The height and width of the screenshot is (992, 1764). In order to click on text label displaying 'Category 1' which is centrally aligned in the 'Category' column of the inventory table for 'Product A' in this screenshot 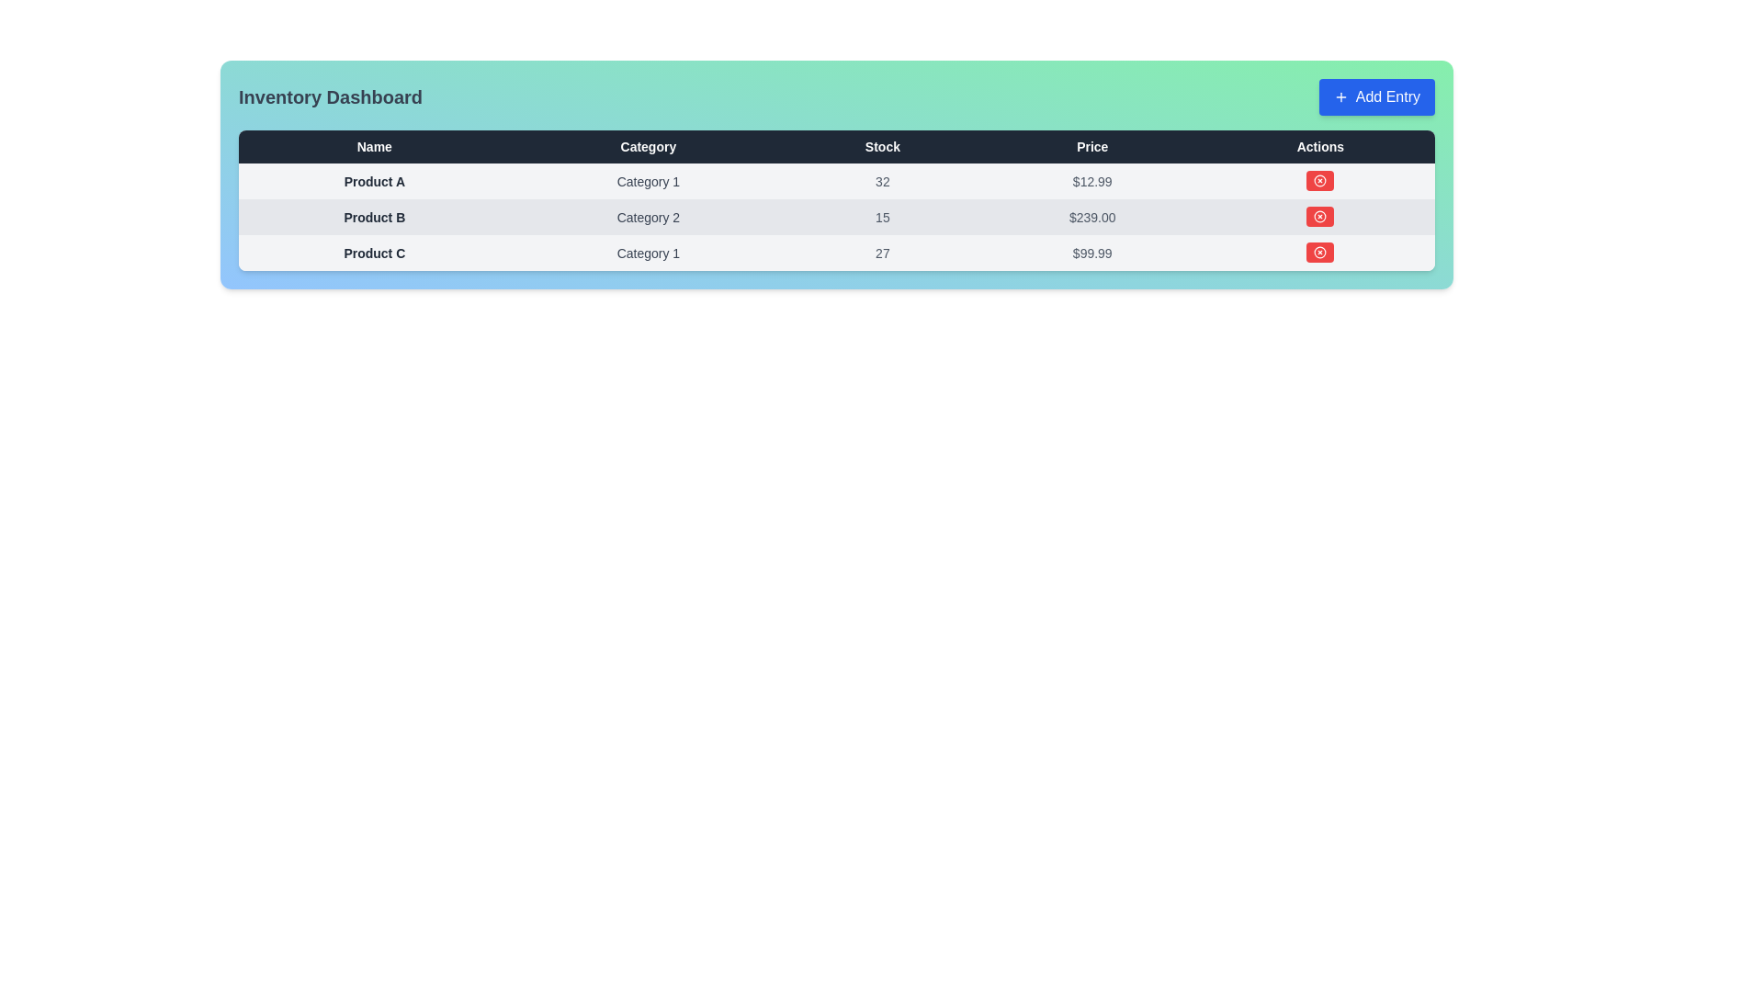, I will do `click(648, 181)`.